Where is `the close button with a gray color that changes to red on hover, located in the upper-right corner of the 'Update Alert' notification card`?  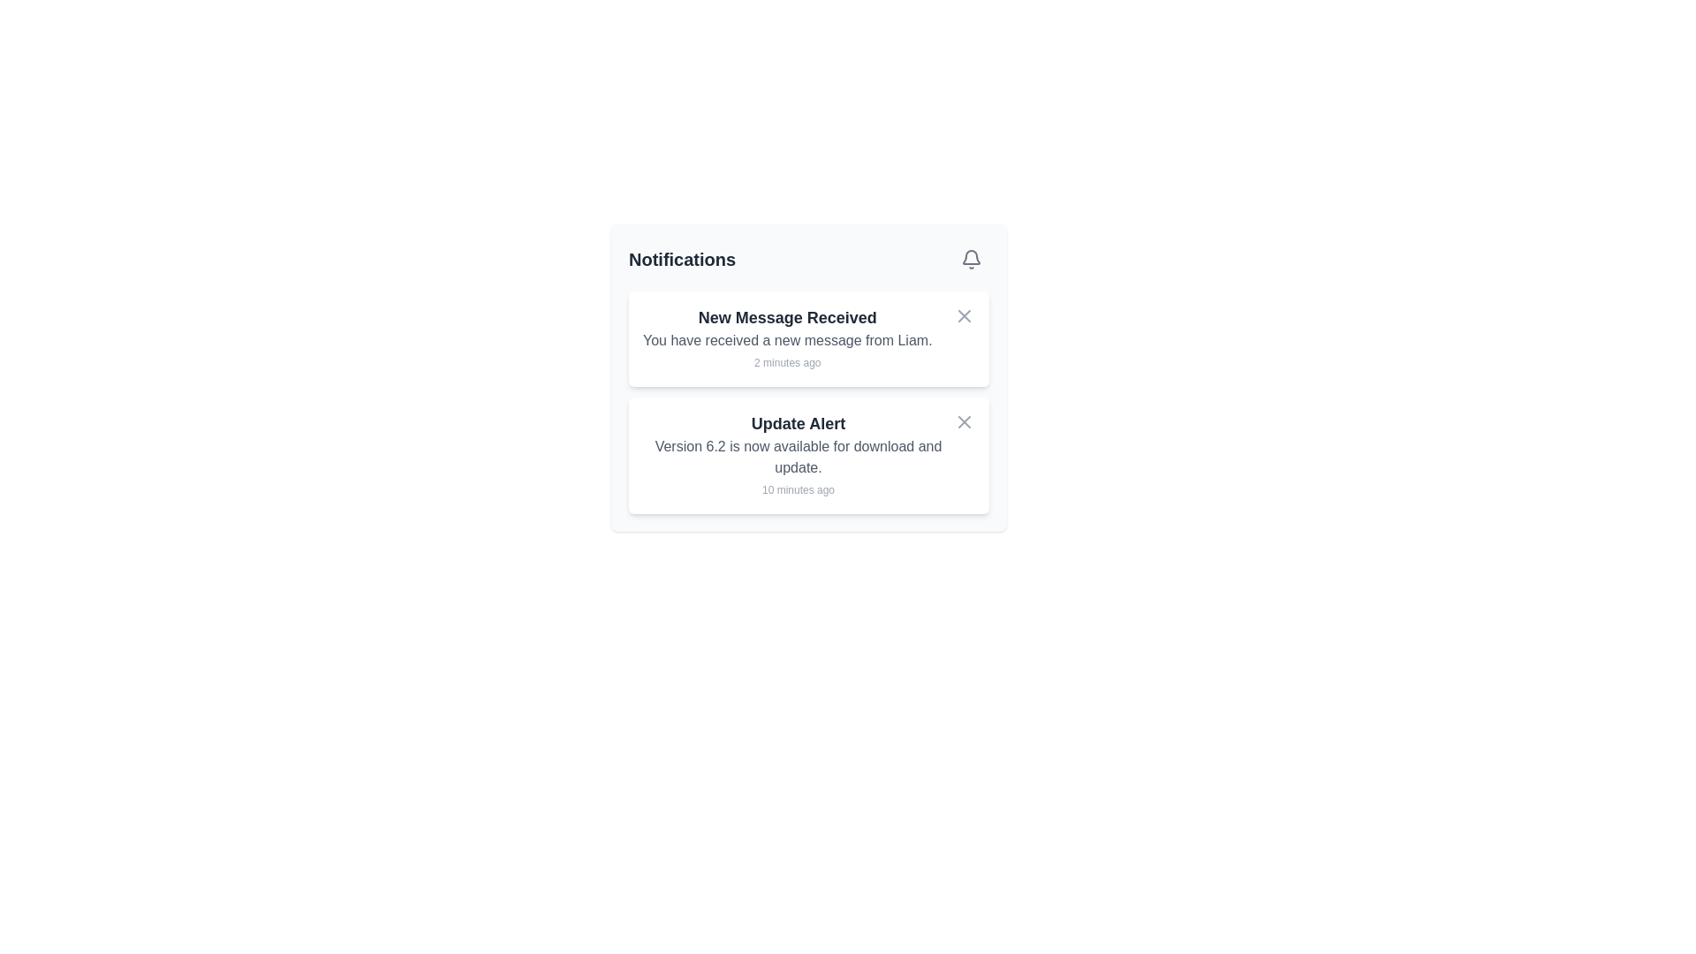
the close button with a gray color that changes to red on hover, located in the upper-right corner of the 'Update Alert' notification card is located at coordinates (963, 422).